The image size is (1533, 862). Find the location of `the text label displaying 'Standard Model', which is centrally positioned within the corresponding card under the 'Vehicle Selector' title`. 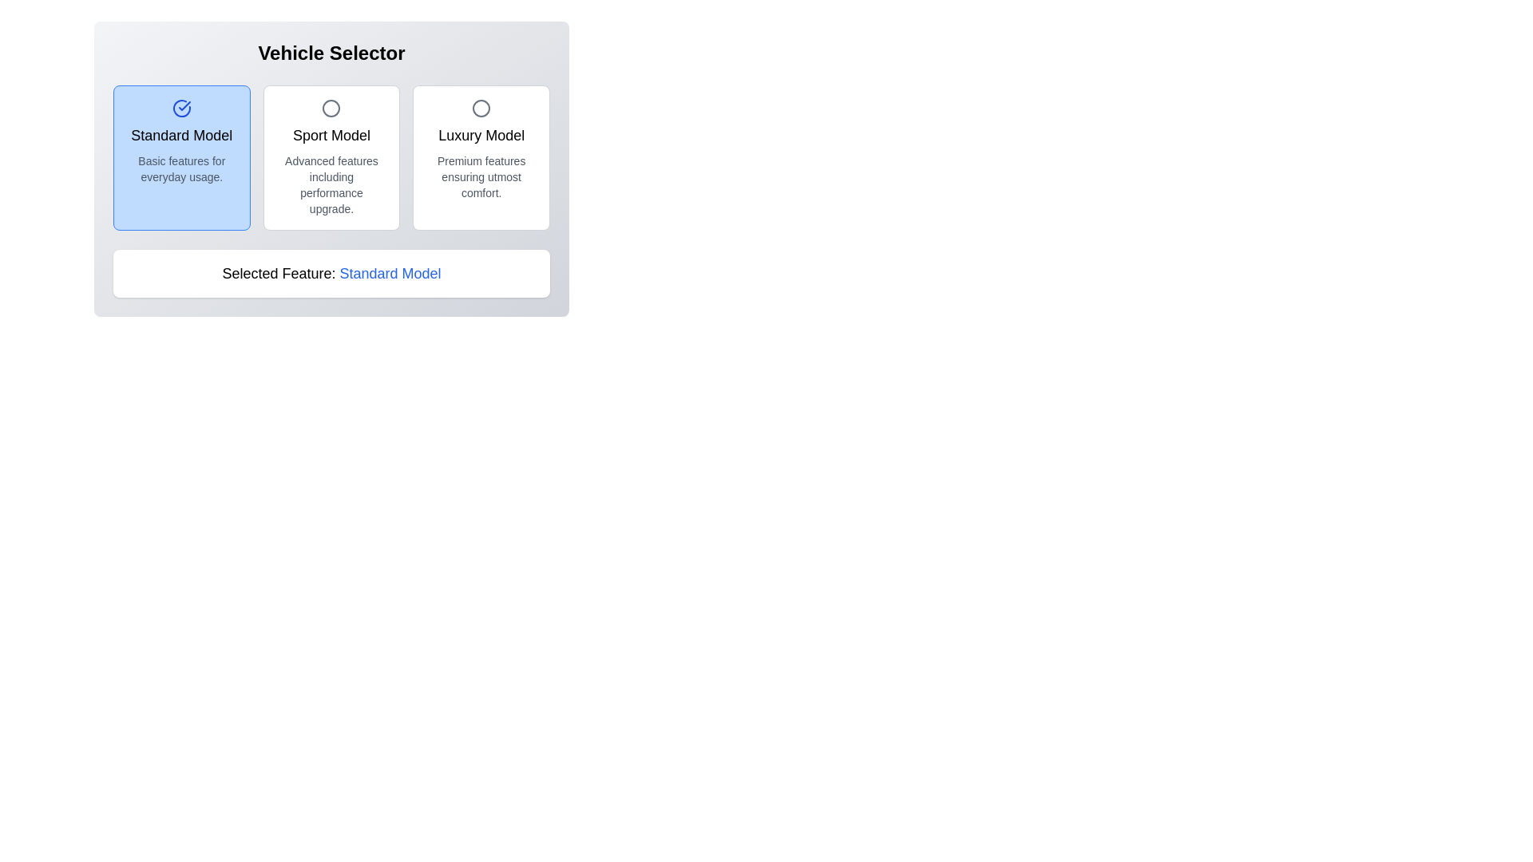

the text label displaying 'Standard Model', which is centrally positioned within the corresponding card under the 'Vehicle Selector' title is located at coordinates (181, 134).